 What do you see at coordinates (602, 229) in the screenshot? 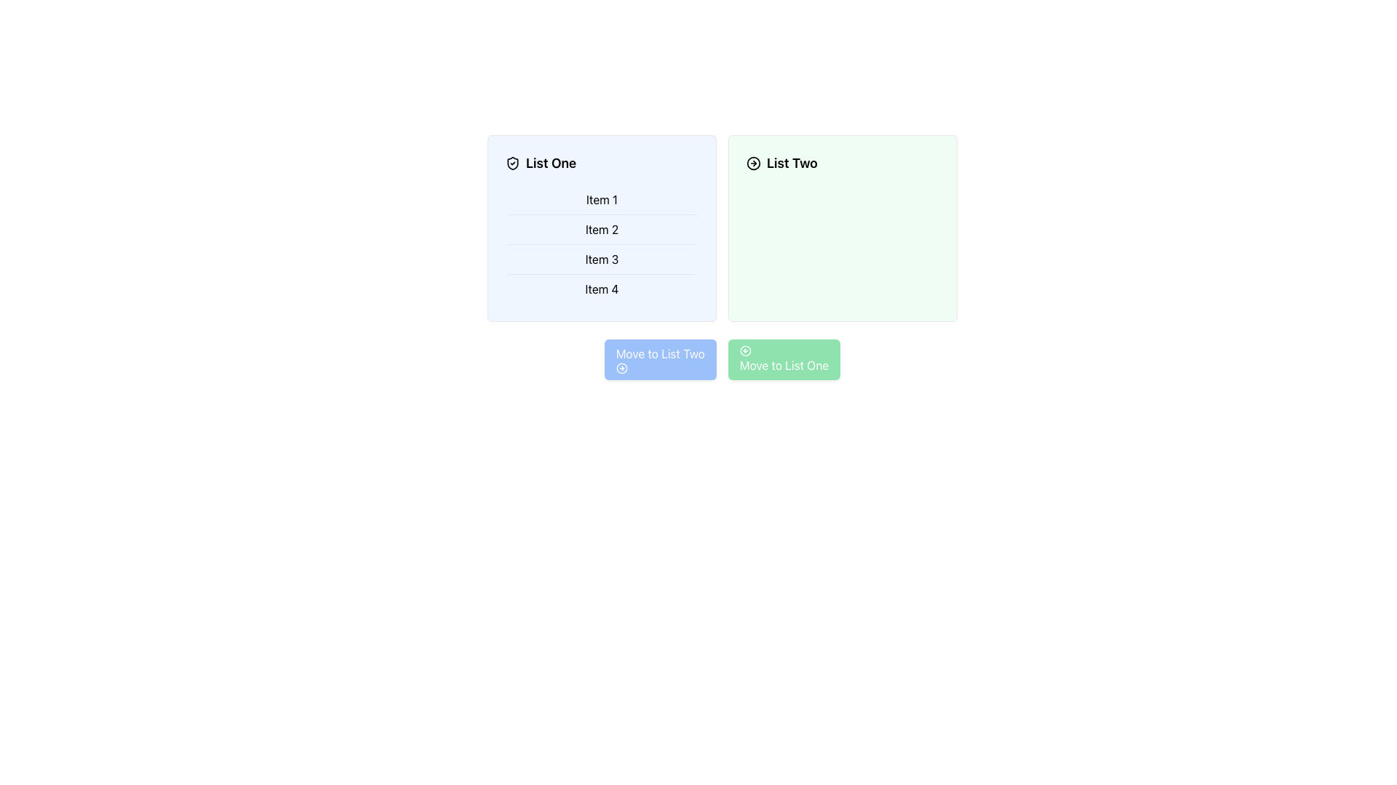
I see `the text label reading 'Item 2' located in the left card titled 'List One', which is styled as a selectable item and positioned below 'Item 1'` at bounding box center [602, 229].